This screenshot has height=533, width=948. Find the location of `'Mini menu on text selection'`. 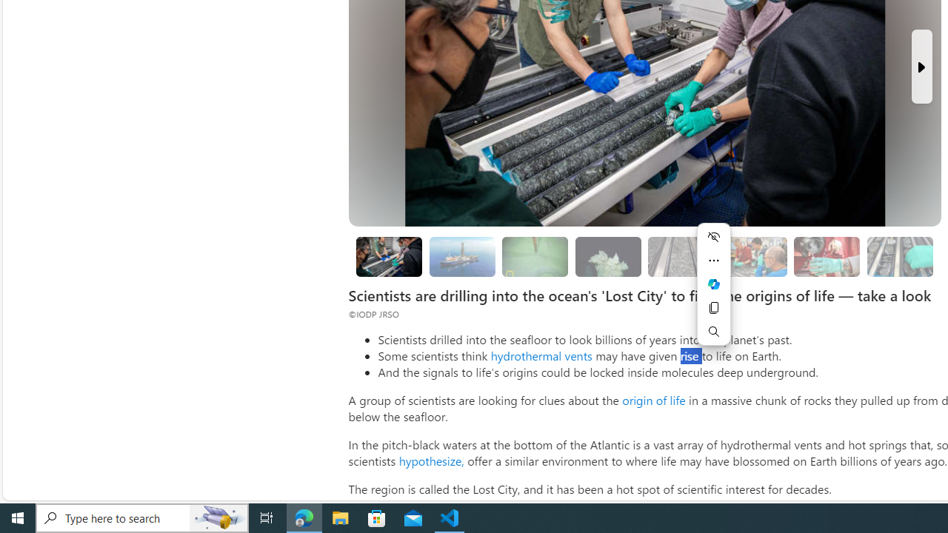

'Mini menu on text selection' is located at coordinates (713, 284).